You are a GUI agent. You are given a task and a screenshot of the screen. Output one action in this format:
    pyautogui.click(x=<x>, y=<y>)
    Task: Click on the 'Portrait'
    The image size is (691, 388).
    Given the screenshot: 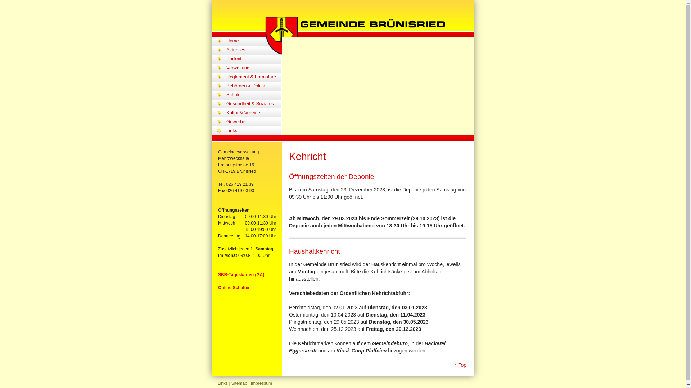 What is the action you would take?
    pyautogui.click(x=254, y=59)
    